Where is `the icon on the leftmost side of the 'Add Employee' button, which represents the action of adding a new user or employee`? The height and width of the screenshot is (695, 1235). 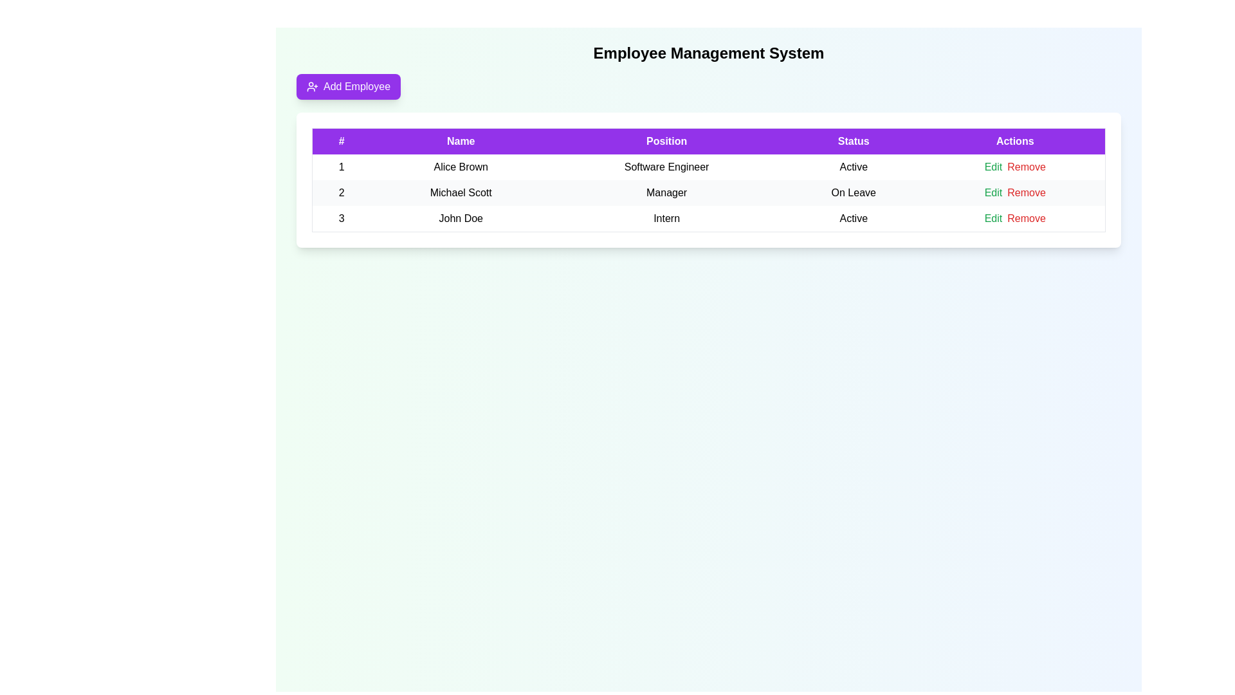
the icon on the leftmost side of the 'Add Employee' button, which represents the action of adding a new user or employee is located at coordinates (312, 87).